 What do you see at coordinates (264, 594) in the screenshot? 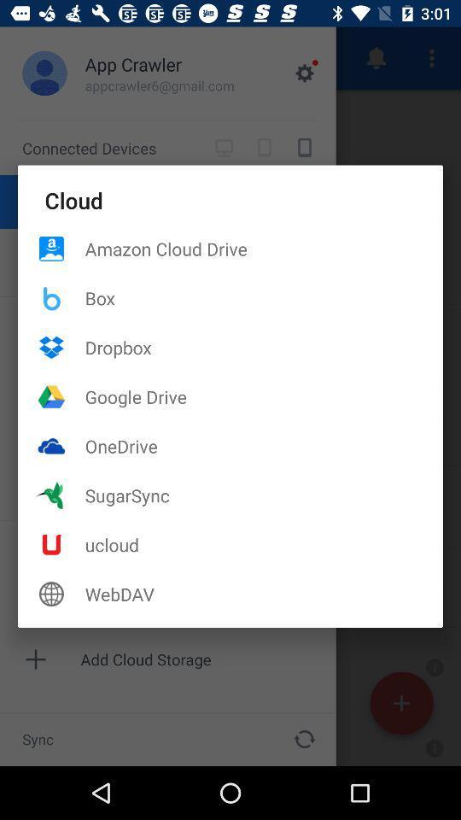
I see `the item at the bottom` at bounding box center [264, 594].